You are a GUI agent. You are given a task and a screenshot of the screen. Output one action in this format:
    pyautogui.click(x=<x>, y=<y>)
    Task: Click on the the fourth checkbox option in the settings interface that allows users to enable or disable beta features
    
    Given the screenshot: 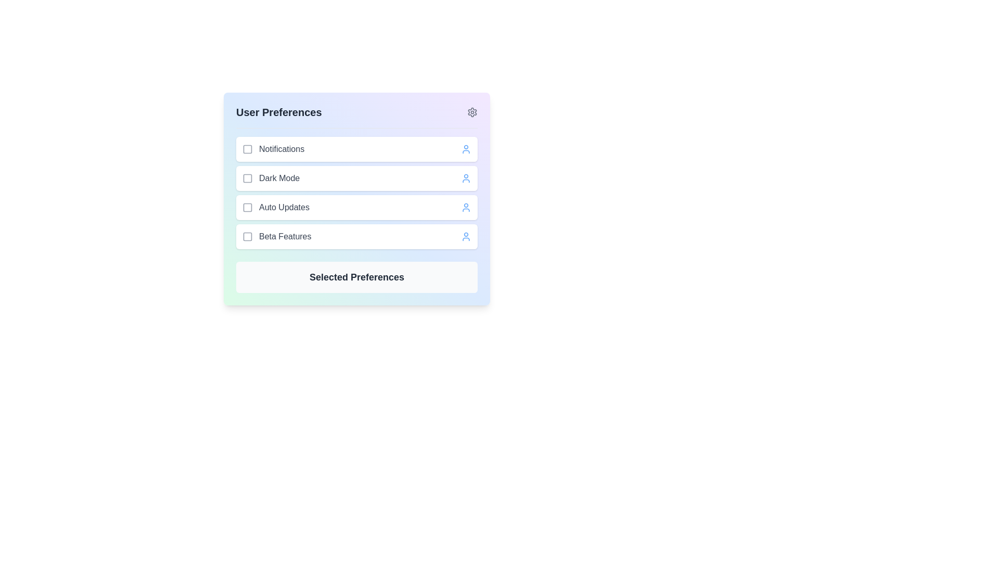 What is the action you would take?
    pyautogui.click(x=277, y=237)
    